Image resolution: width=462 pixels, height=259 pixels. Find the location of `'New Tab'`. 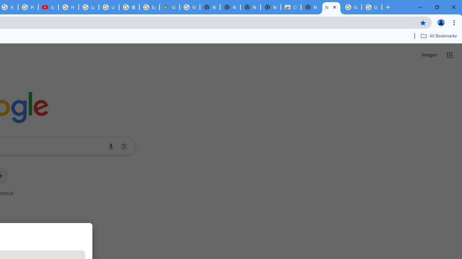

'New Tab' is located at coordinates (331, 7).